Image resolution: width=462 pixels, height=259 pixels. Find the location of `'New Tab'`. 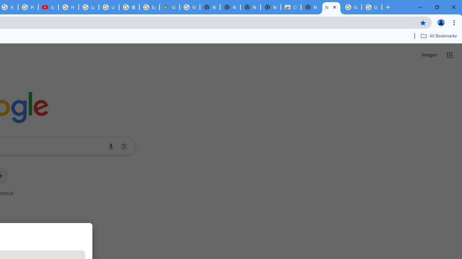

'New Tab' is located at coordinates (331, 7).